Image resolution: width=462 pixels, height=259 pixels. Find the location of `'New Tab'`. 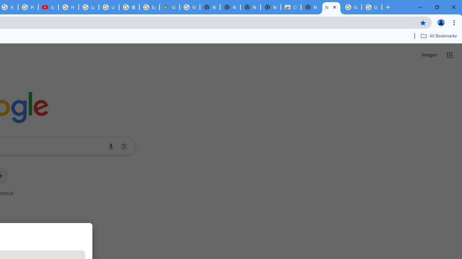

'New Tab' is located at coordinates (331, 7).